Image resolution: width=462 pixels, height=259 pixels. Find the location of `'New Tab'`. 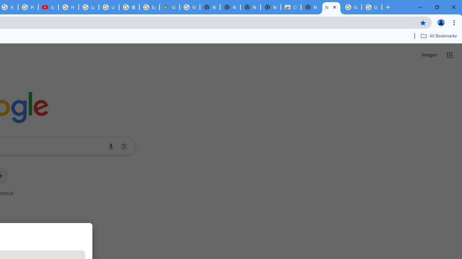

'New Tab' is located at coordinates (331, 7).